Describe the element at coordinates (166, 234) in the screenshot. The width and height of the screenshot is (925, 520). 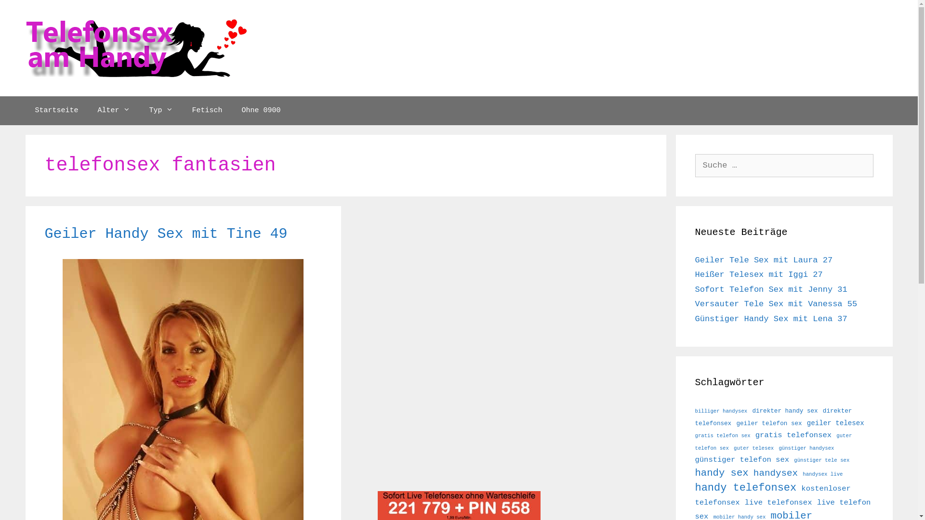
I see `'Geiler Handy Sex mit Tine 49'` at that location.